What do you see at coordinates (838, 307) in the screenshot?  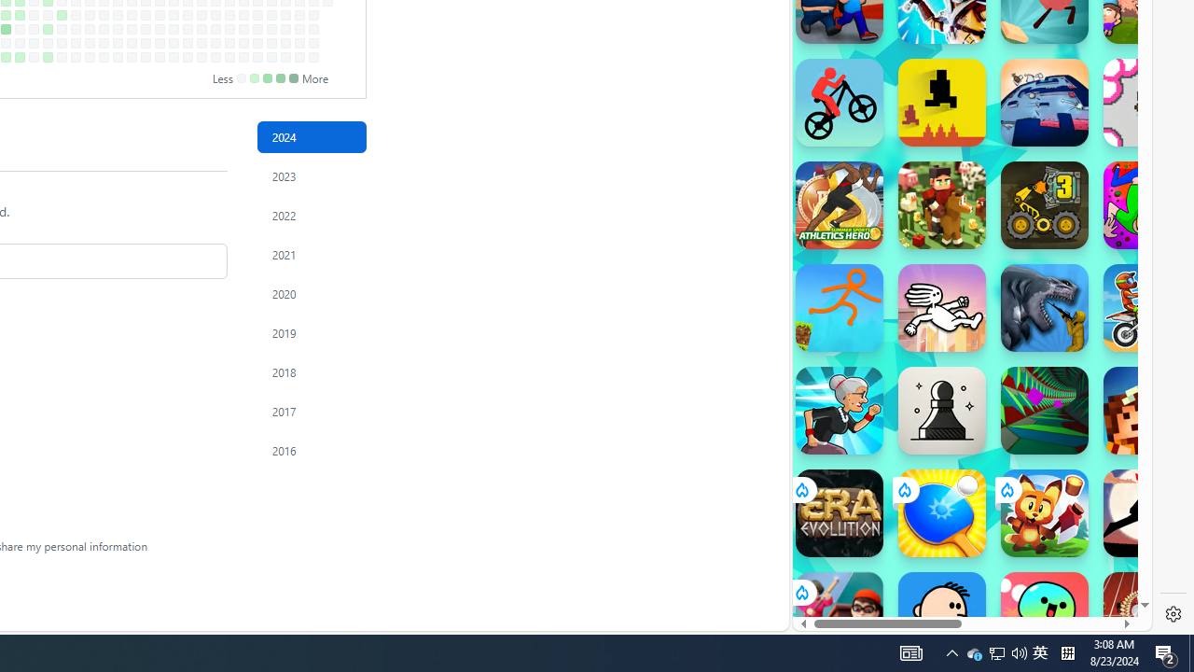 I see `'Stickman Parkour Skyland'` at bounding box center [838, 307].